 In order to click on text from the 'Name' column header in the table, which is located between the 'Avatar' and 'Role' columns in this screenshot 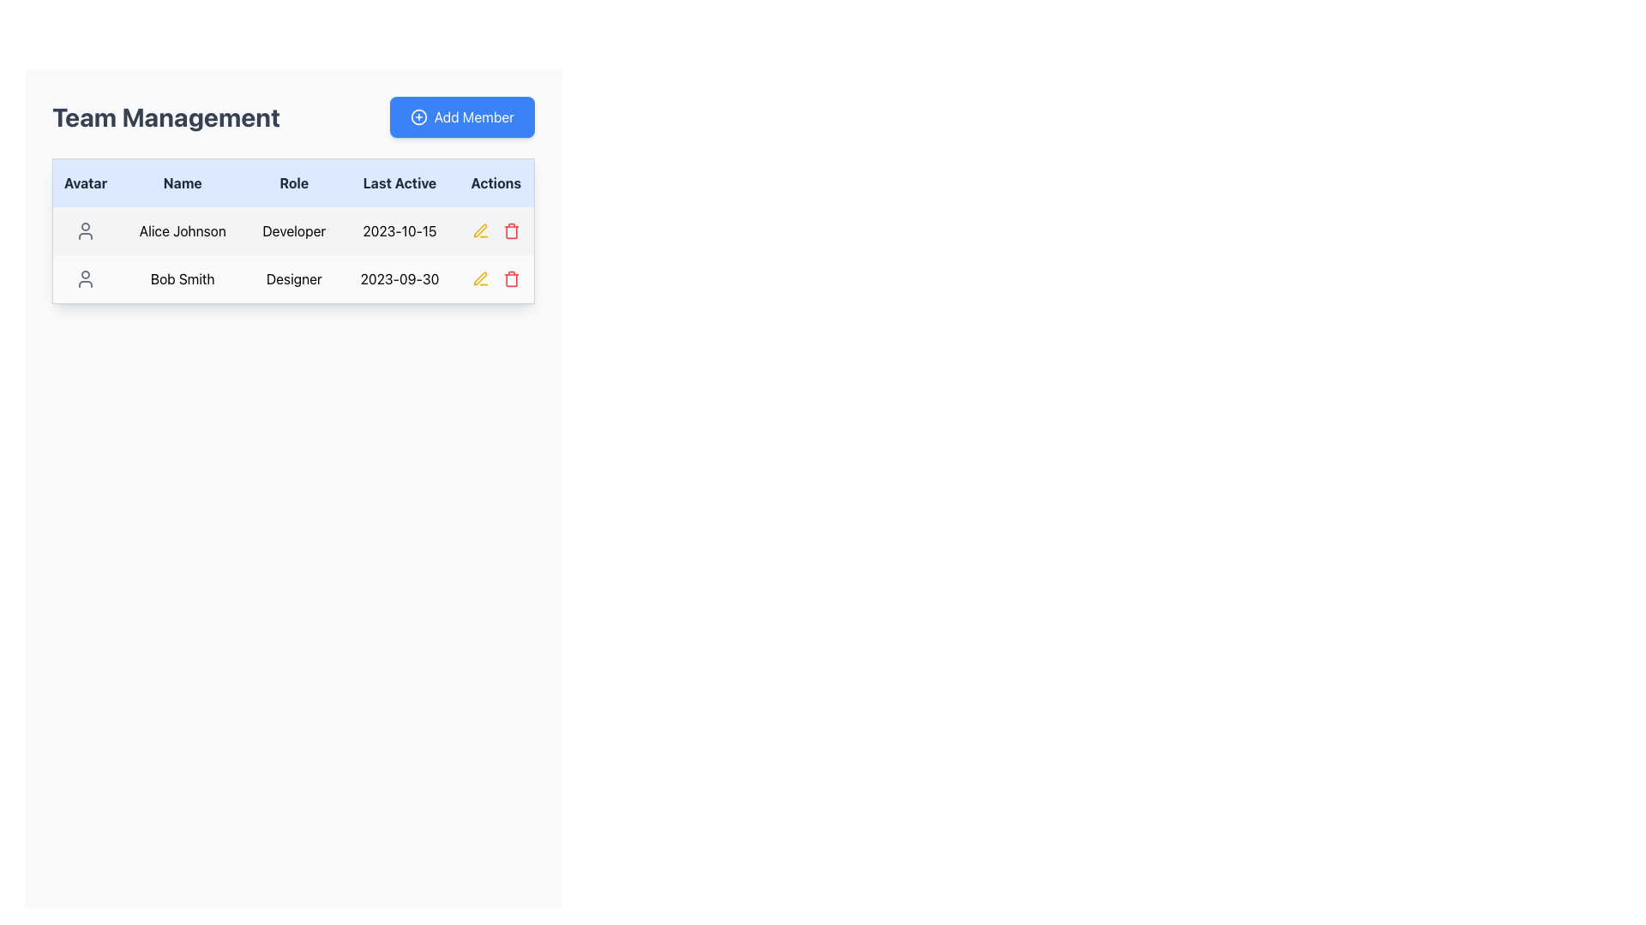, I will do `click(183, 182)`.